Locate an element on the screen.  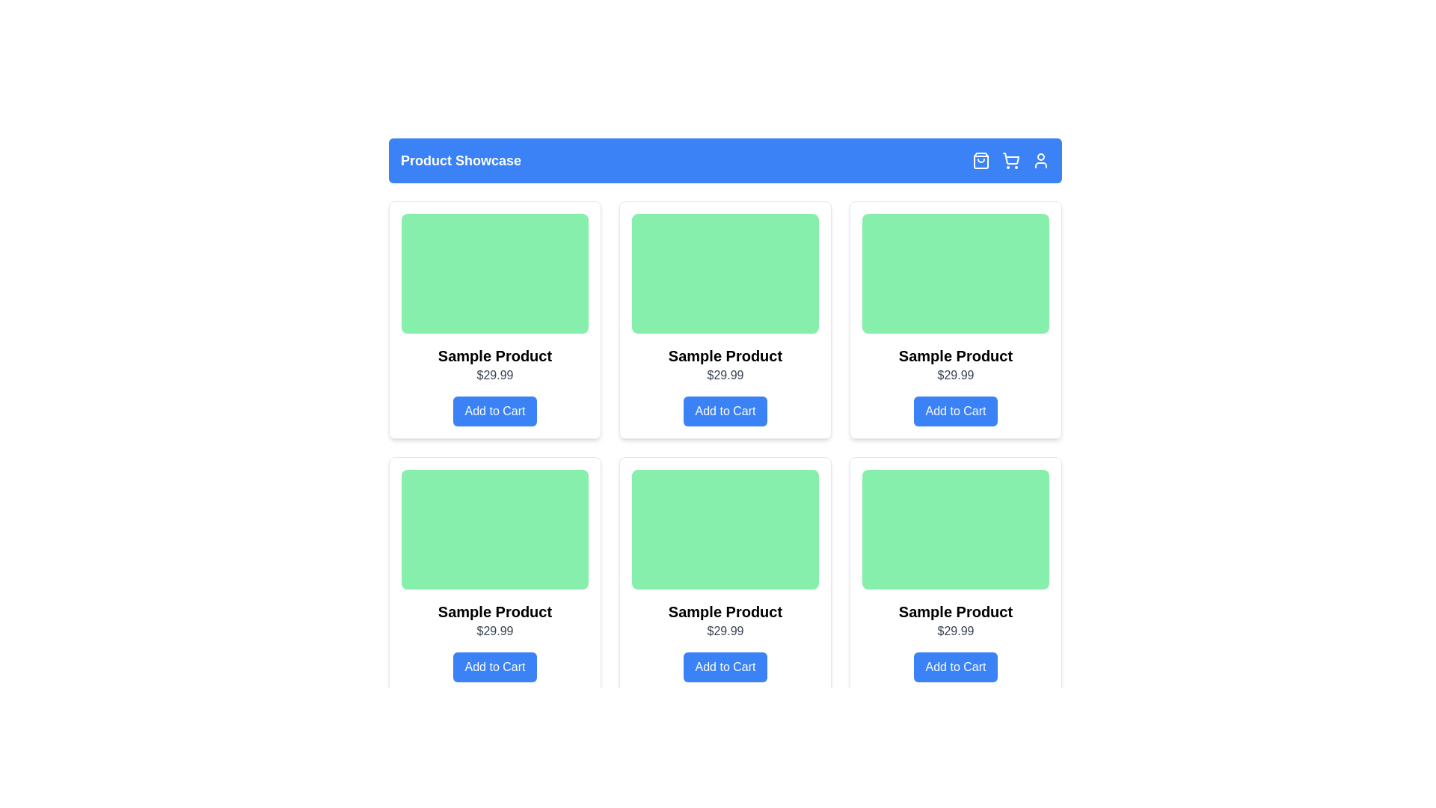
the graphical shopping cart icon located in the top navigation bar, positioned between the trash bin icon and the user profile icon is located at coordinates (1011, 159).